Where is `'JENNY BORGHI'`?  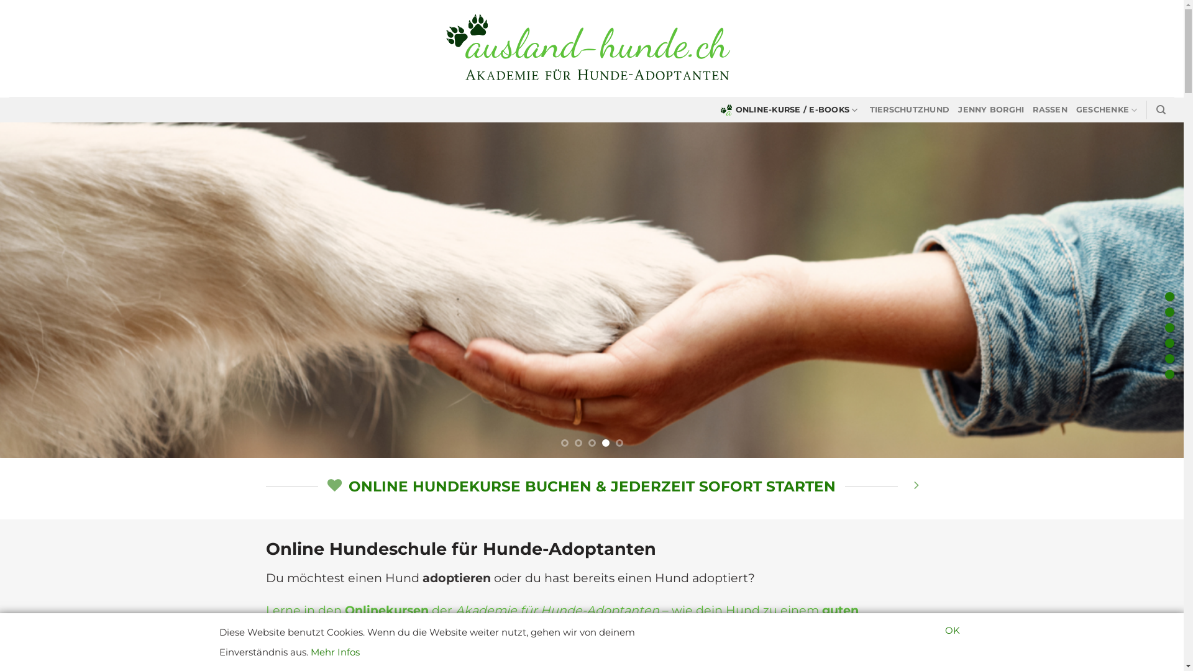
'JENNY BORGHI' is located at coordinates (990, 109).